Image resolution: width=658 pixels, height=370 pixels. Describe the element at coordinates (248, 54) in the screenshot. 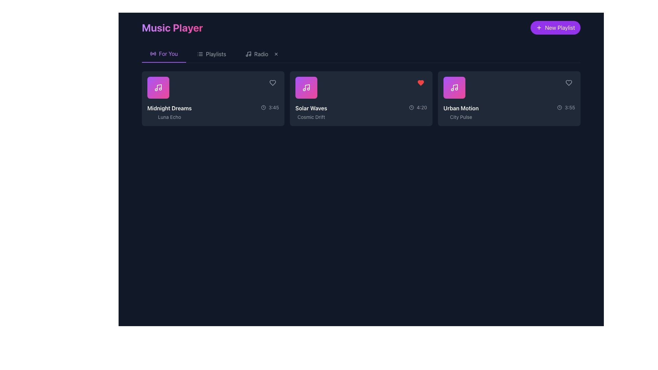

I see `the musical note icon located to the left of the 'Radio' text in the top center navigation menu` at that location.